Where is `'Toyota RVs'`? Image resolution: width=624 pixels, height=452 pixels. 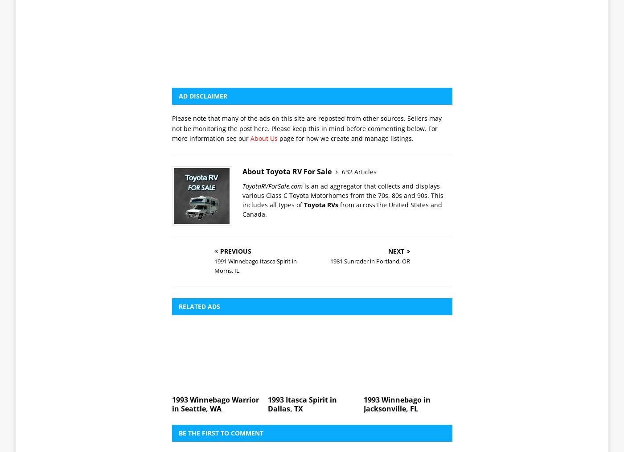 'Toyota RVs' is located at coordinates (320, 79).